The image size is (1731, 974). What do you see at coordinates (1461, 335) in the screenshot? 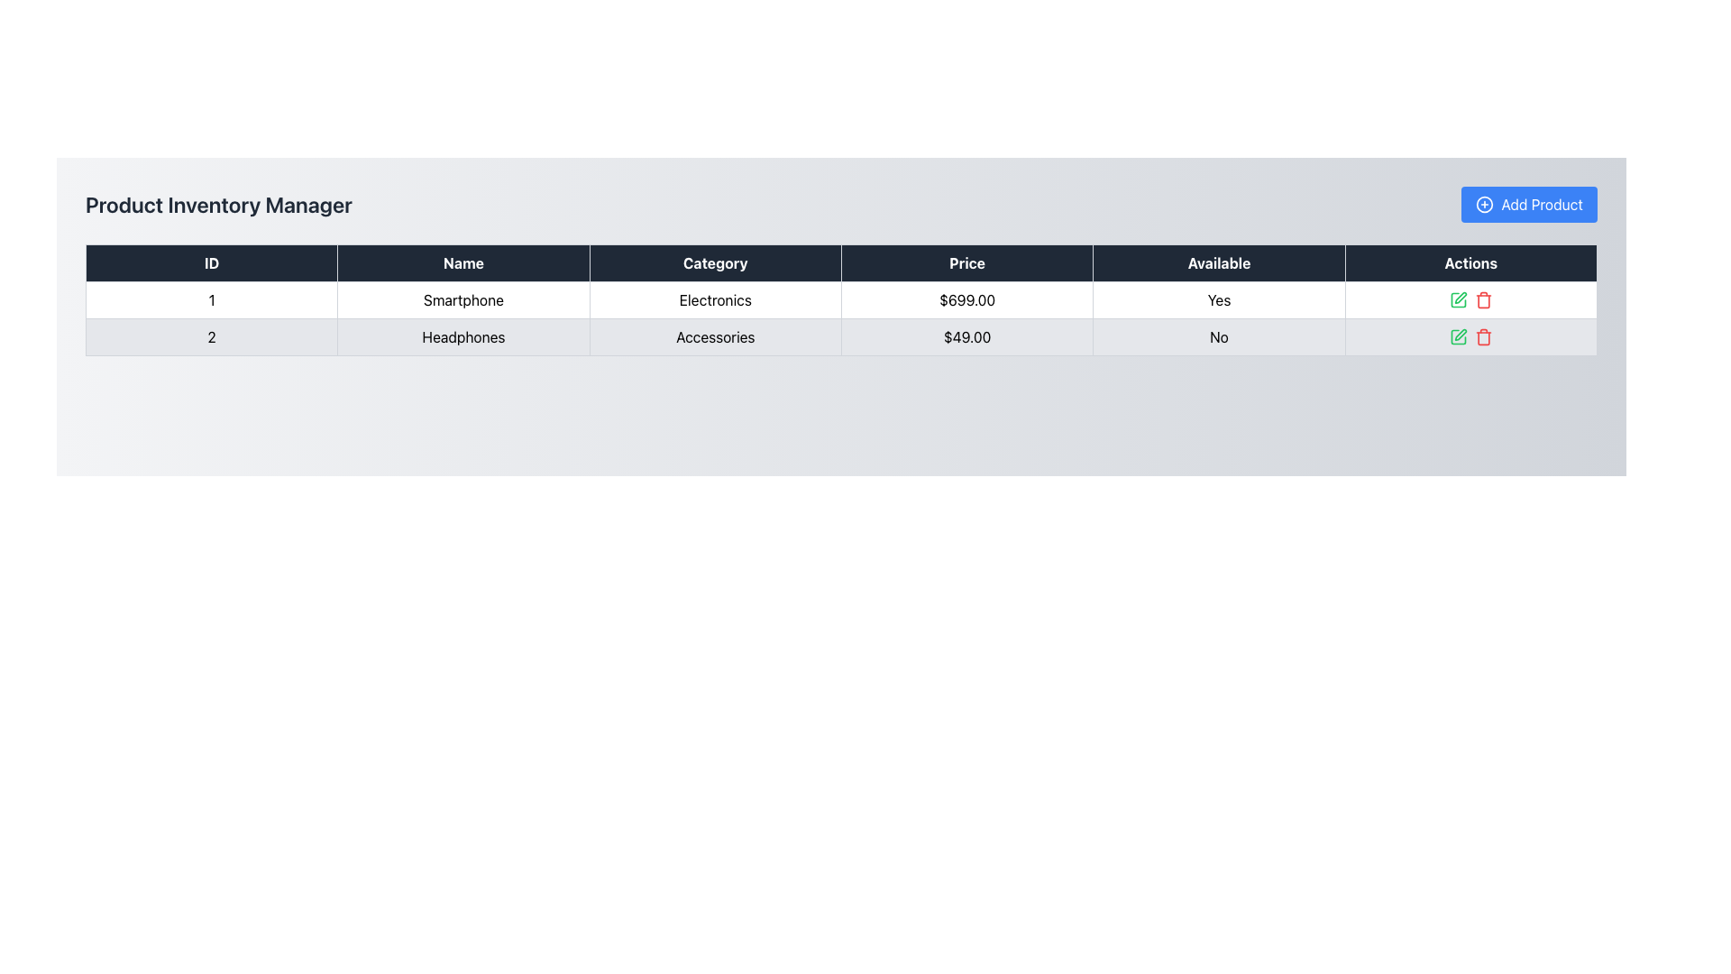
I see `the green pen-shaped SVG icon in the 'Actions' column of the second row` at bounding box center [1461, 335].